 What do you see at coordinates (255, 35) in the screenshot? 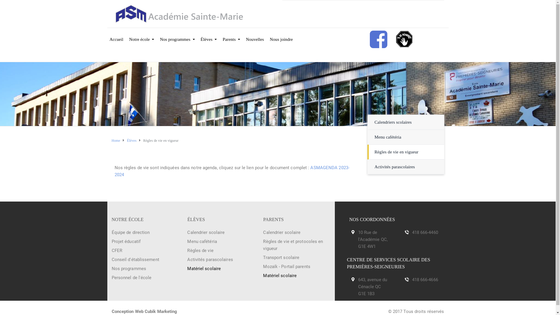
I see `'Nouvelles'` at bounding box center [255, 35].